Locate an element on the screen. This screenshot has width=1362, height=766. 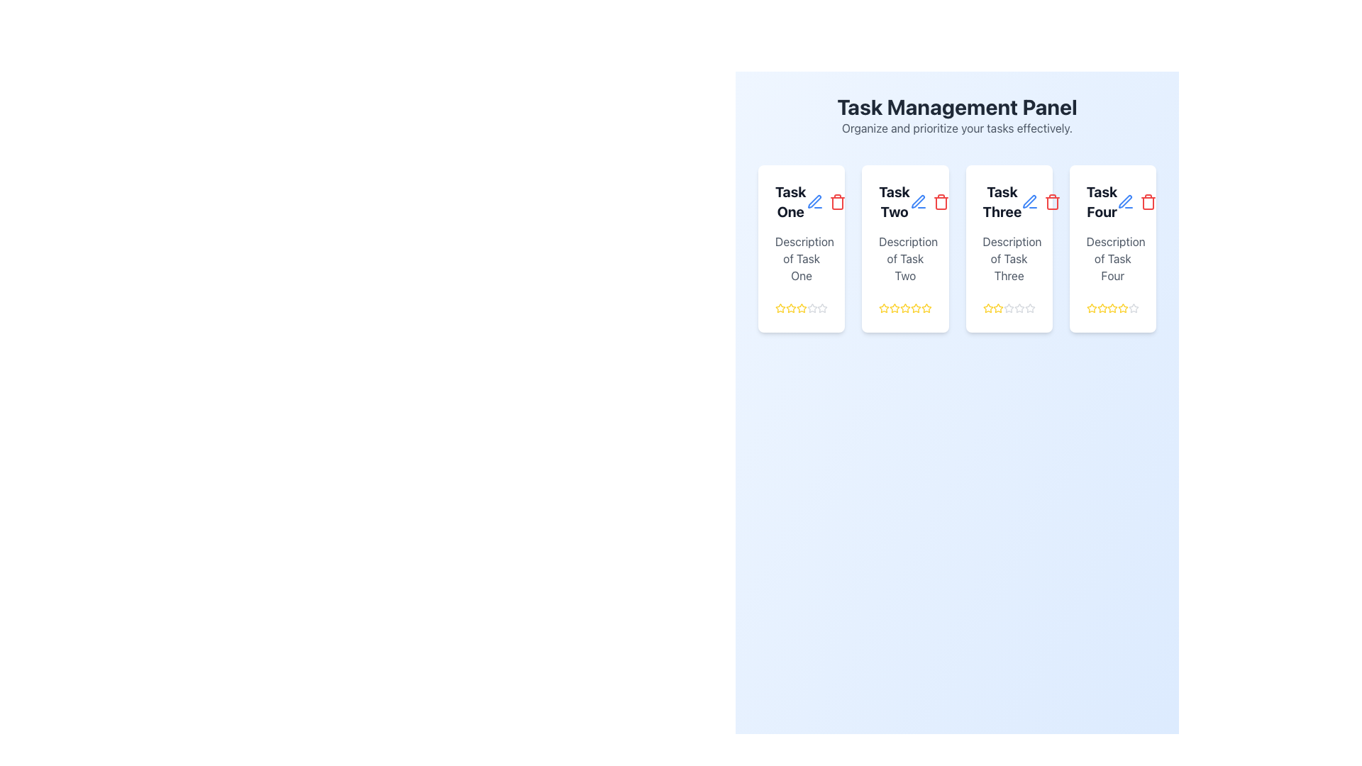
the delete icon button located at the top-right corner of the task card to trigger a tooltip or highlight effect is located at coordinates (837, 202).